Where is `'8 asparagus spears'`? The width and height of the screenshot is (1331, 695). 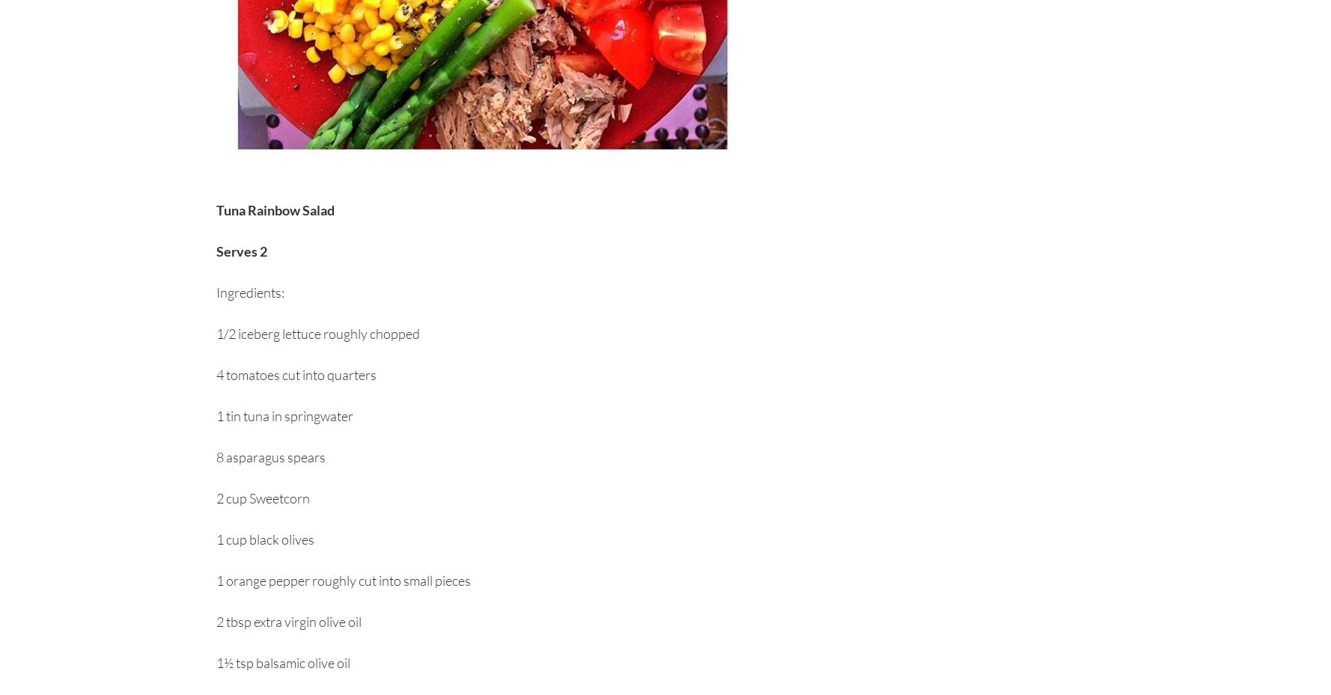
'8 asparagus spears' is located at coordinates (216, 456).